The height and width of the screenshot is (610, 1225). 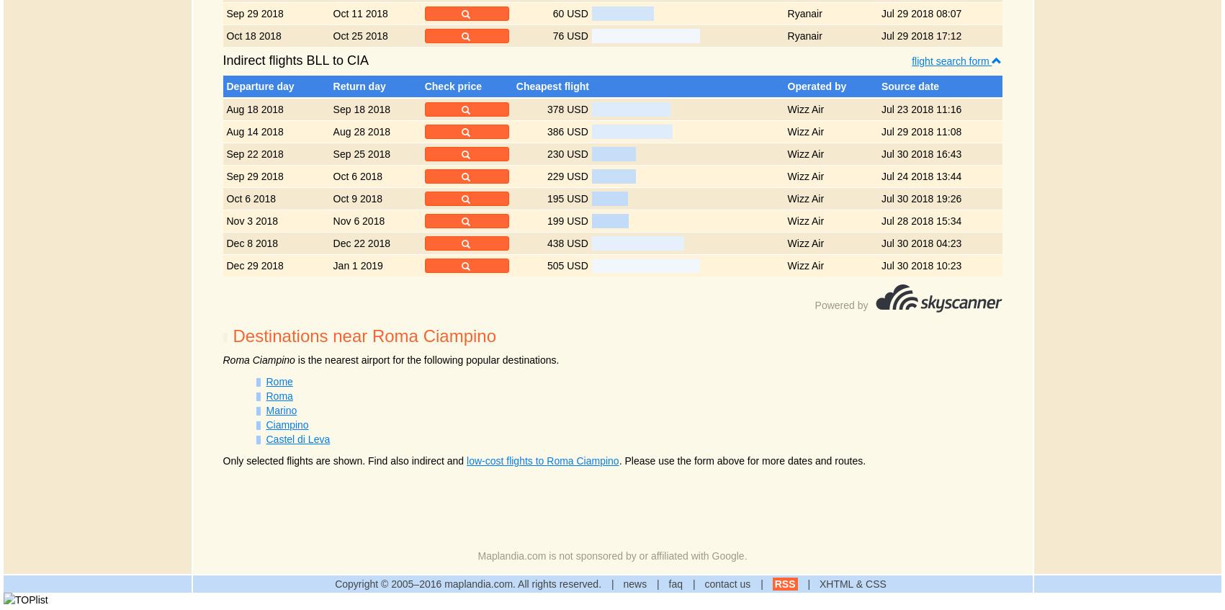 What do you see at coordinates (920, 35) in the screenshot?
I see `'Jul 29 2018 17:12'` at bounding box center [920, 35].